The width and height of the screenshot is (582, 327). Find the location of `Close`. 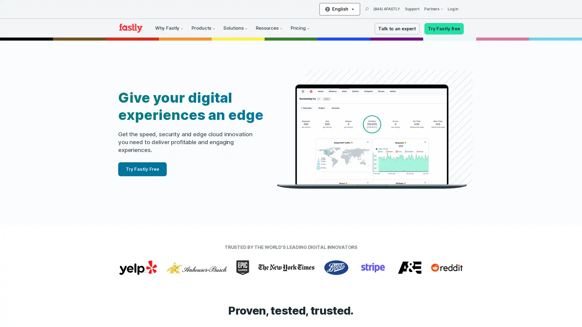

Close is located at coordinates (111, 245).